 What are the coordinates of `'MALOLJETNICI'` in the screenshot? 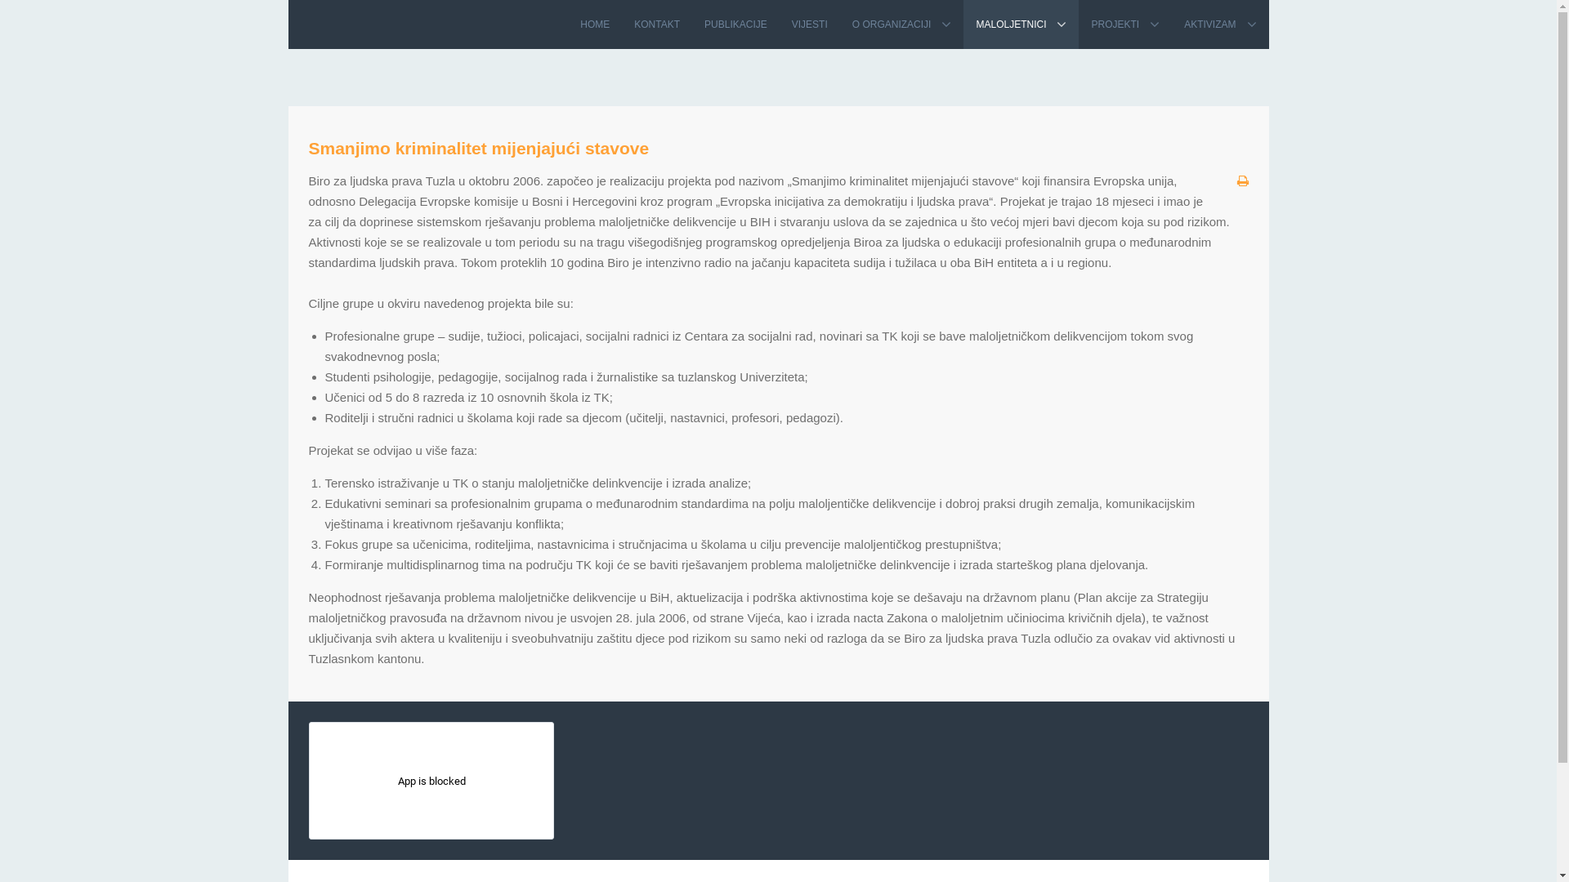 It's located at (1020, 24).